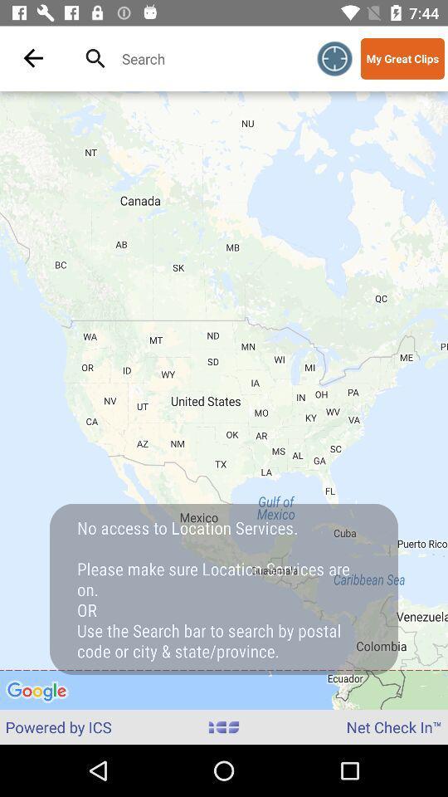 This screenshot has height=797, width=448. What do you see at coordinates (206, 58) in the screenshot?
I see `search function` at bounding box center [206, 58].